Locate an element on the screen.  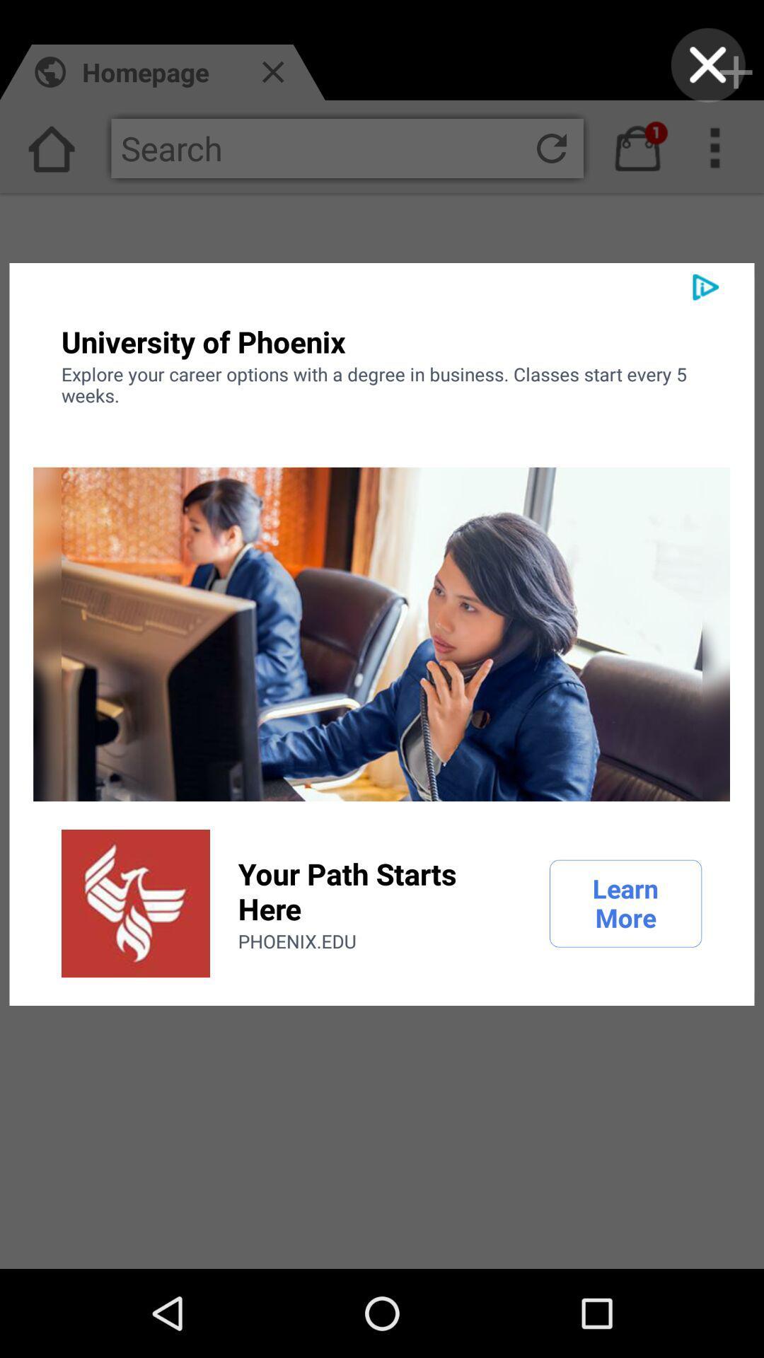
learn more item is located at coordinates (625, 903).